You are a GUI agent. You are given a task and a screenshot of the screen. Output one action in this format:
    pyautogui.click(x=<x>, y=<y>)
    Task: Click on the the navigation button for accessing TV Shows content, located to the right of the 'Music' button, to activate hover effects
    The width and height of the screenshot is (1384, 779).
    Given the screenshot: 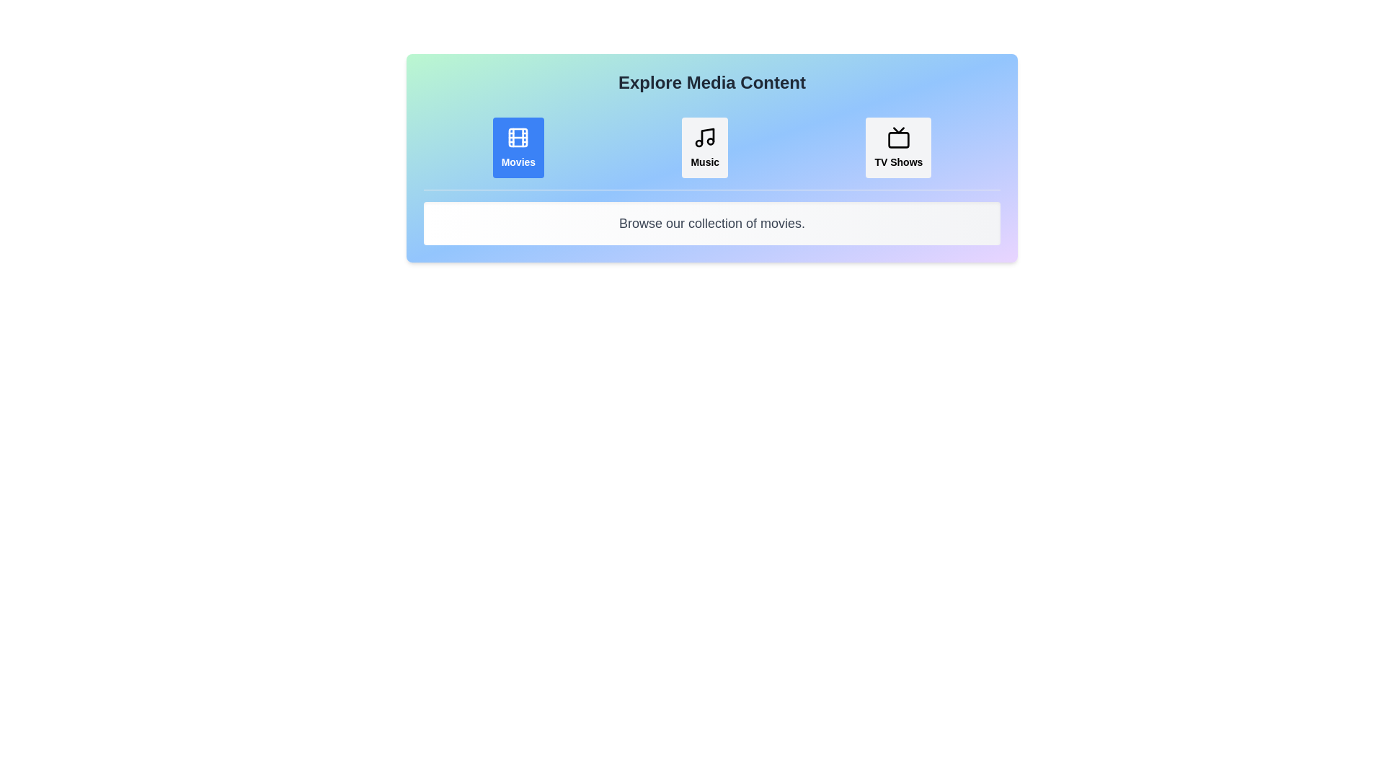 What is the action you would take?
    pyautogui.click(x=897, y=147)
    